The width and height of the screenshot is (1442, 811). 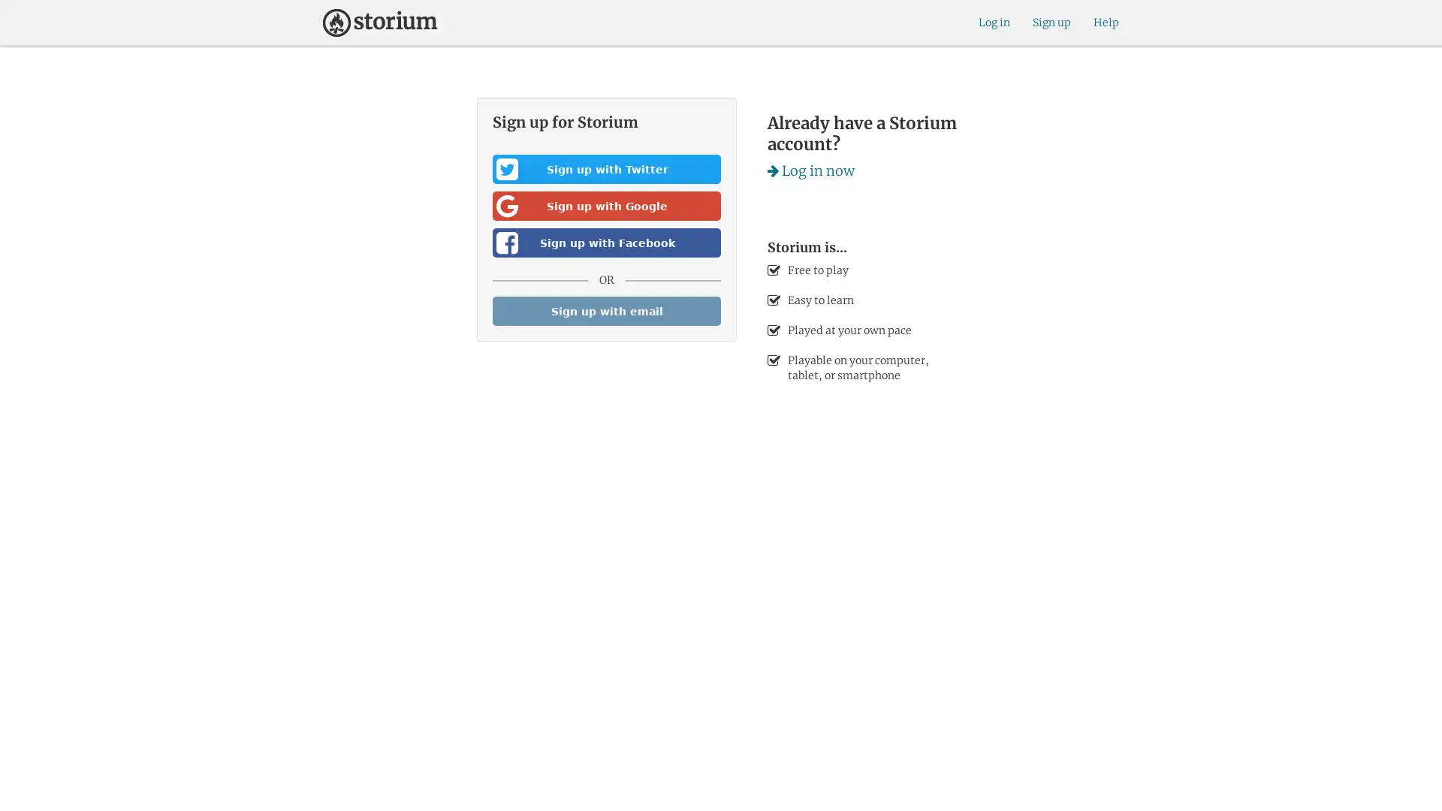 I want to click on Sign up with email, so click(x=606, y=310).